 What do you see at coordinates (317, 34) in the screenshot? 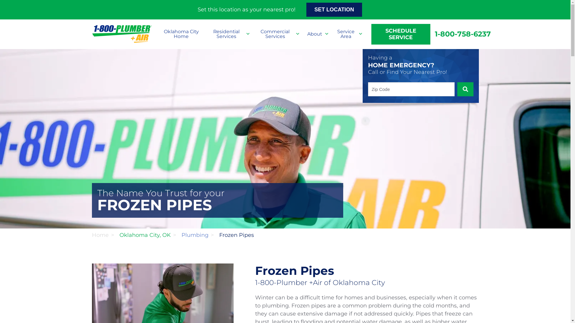
I see `'About'` at bounding box center [317, 34].